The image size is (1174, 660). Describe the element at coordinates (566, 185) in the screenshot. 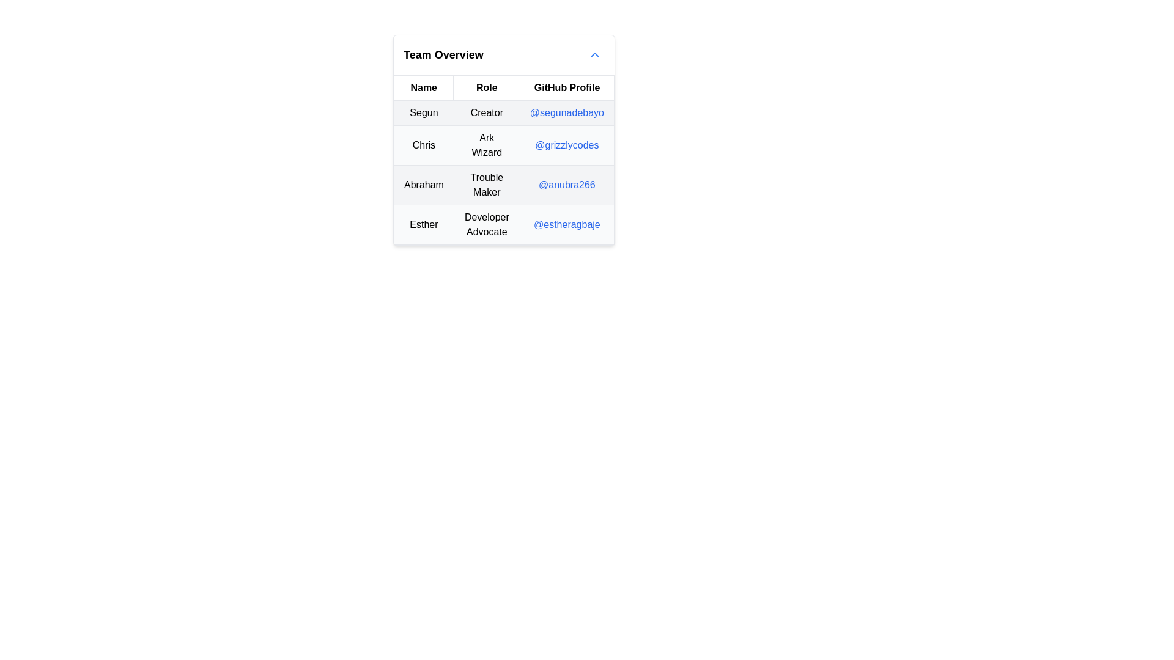

I see `the hyperlink in the third row of the table under the 'GitHub Profile' column` at that location.